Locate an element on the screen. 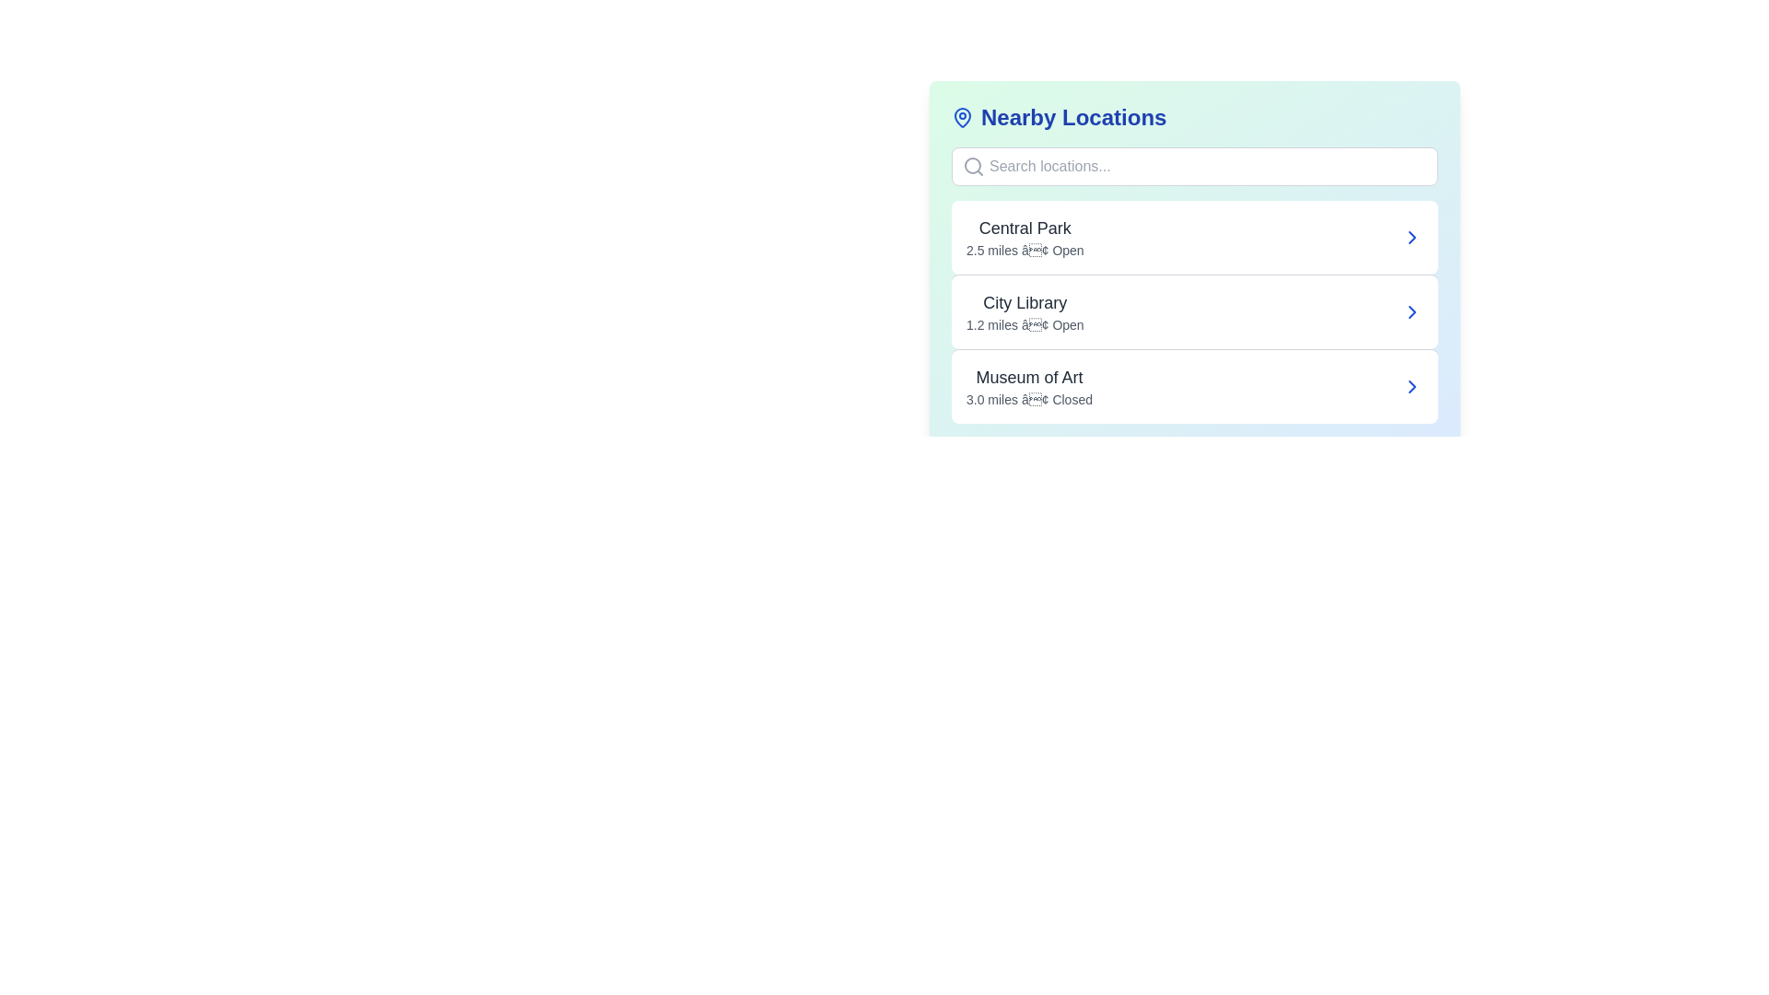 This screenshot has width=1769, height=995. the right-facing chevron icon indicating navigation actions located at the far-right end of the 'Museum of Art' list entry in the 'Nearby Locations' list is located at coordinates (1411, 386).